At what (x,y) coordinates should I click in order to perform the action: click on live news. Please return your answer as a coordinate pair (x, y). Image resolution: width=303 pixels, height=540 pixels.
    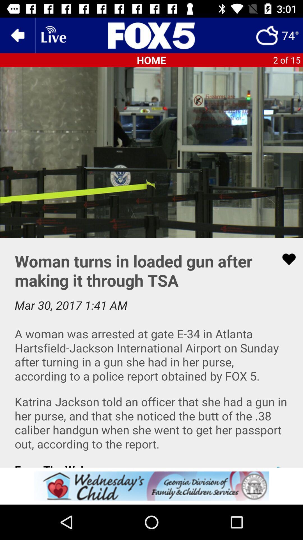
    Looking at the image, I should click on (53, 35).